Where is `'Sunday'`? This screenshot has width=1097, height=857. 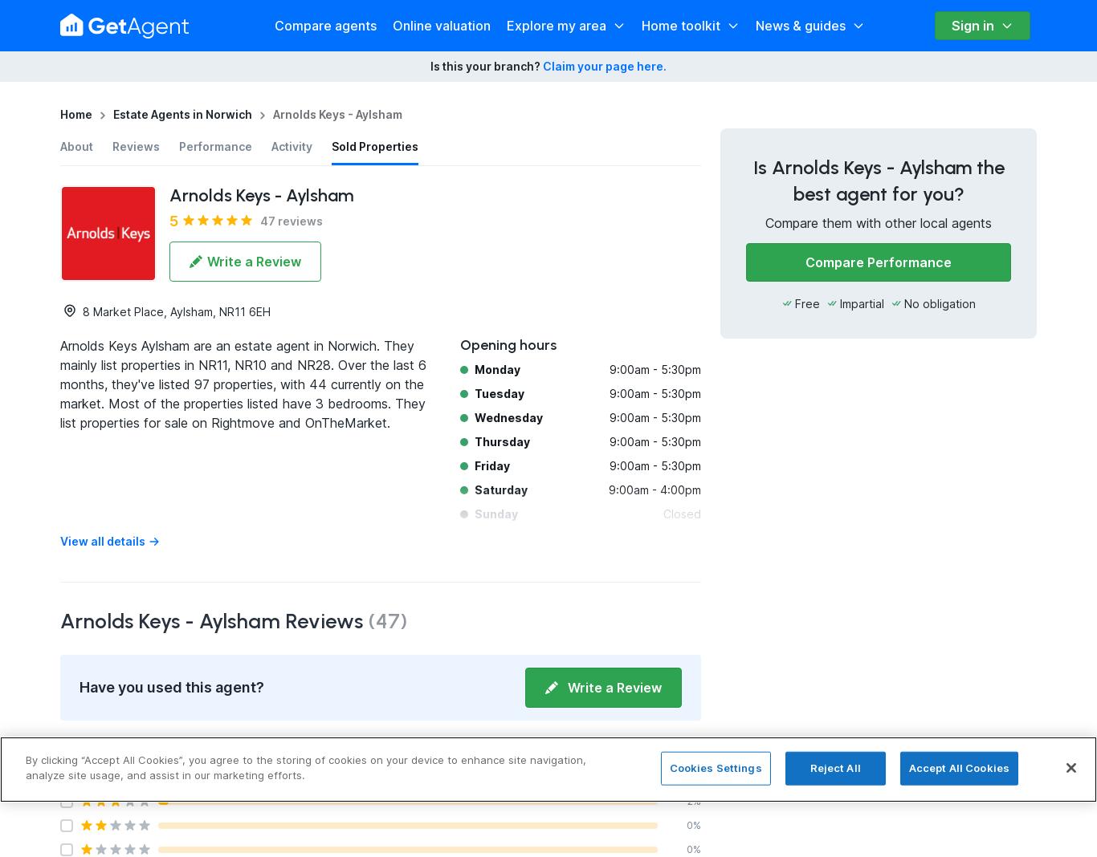
'Sunday' is located at coordinates (474, 513).